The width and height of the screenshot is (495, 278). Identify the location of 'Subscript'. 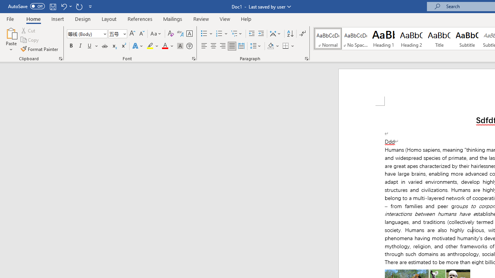
(114, 46).